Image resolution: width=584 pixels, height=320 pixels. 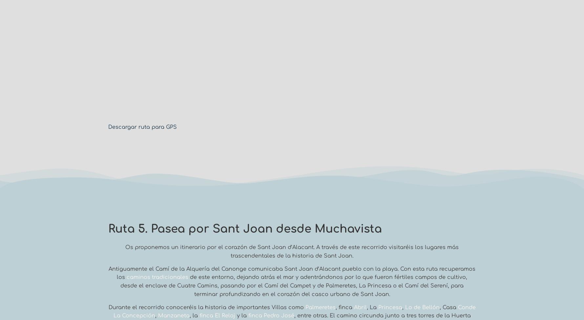 What do you see at coordinates (292, 251) in the screenshot?
I see `'Os proponemos un itinerario por el corazón de Sant Joan d’Alacant. A través de este recorrido visitaréis los lugares más trascendentales de la historia de Sant Joan.'` at bounding box center [292, 251].